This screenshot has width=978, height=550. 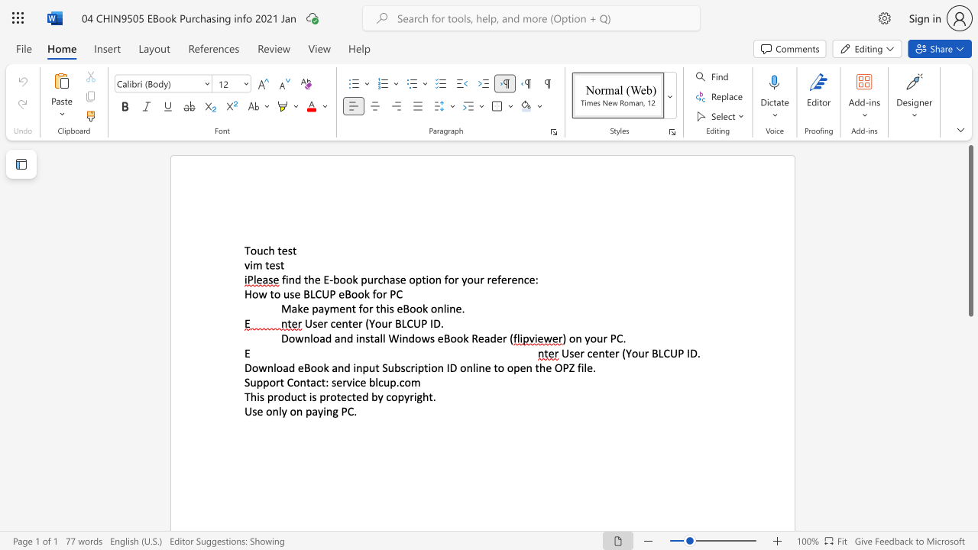 What do you see at coordinates (282, 410) in the screenshot?
I see `the space between the continuous character "l" and "y" in the text` at bounding box center [282, 410].